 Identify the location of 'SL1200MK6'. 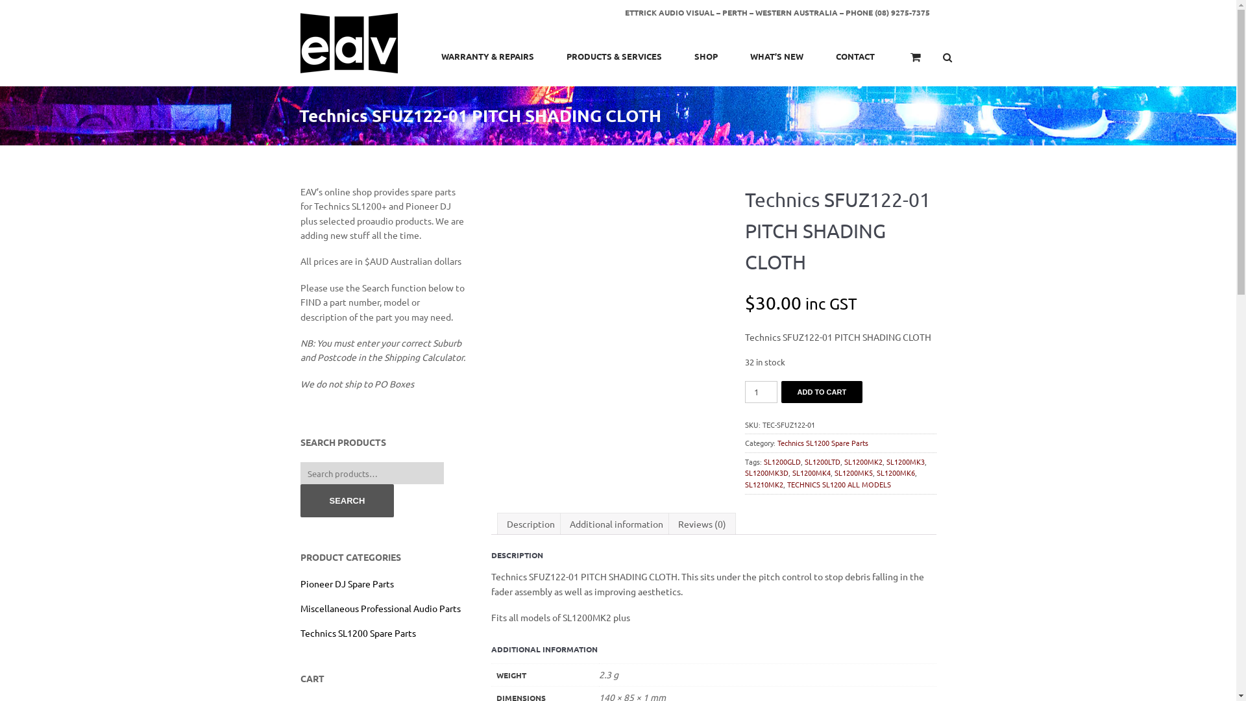
(895, 473).